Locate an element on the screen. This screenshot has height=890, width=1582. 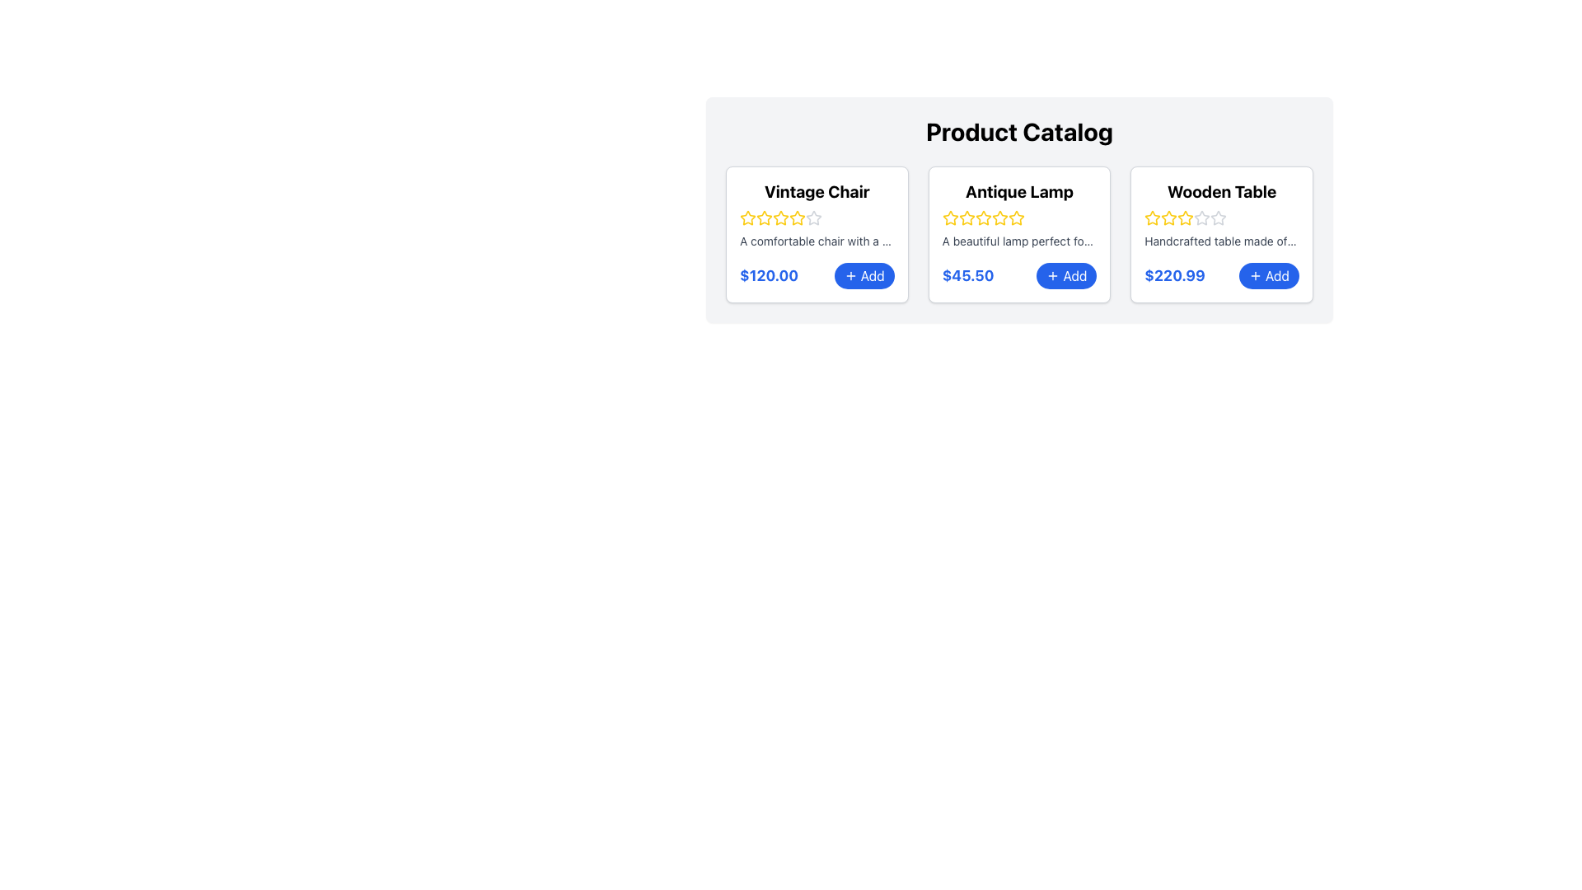
the Text label for the product 'Antique Lamp', which is located at the top of the second card in a three-card layout in the product catalog section is located at coordinates (1018, 190).